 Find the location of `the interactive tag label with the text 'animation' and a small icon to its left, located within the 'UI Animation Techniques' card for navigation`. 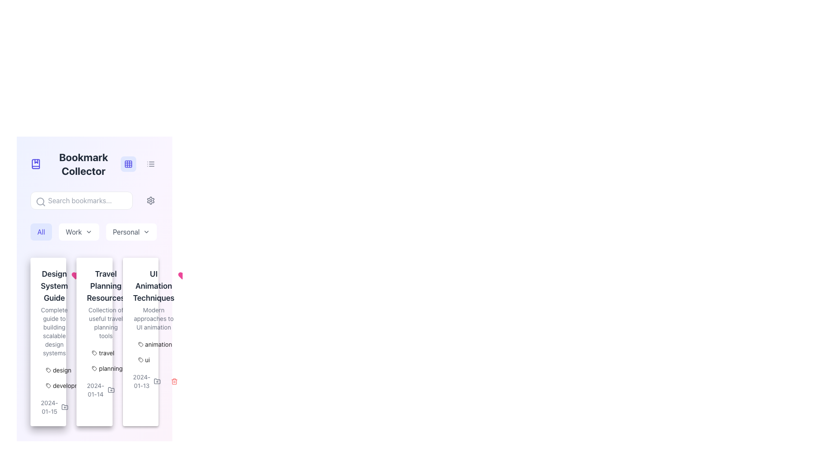

the interactive tag label with the text 'animation' and a small icon to its left, located within the 'UI Animation Techniques' card for navigation is located at coordinates (155, 344).